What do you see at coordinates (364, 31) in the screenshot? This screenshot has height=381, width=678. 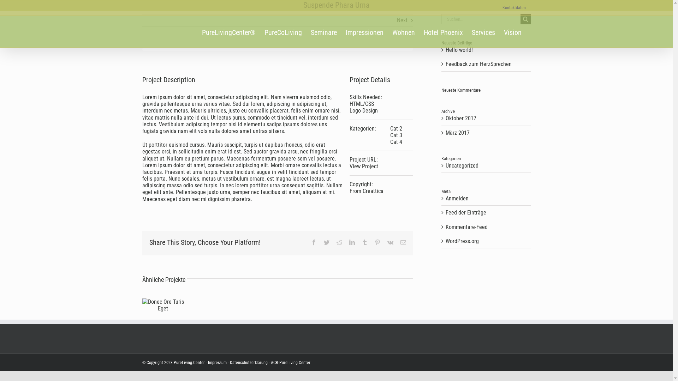 I see `'Impressionen'` at bounding box center [364, 31].